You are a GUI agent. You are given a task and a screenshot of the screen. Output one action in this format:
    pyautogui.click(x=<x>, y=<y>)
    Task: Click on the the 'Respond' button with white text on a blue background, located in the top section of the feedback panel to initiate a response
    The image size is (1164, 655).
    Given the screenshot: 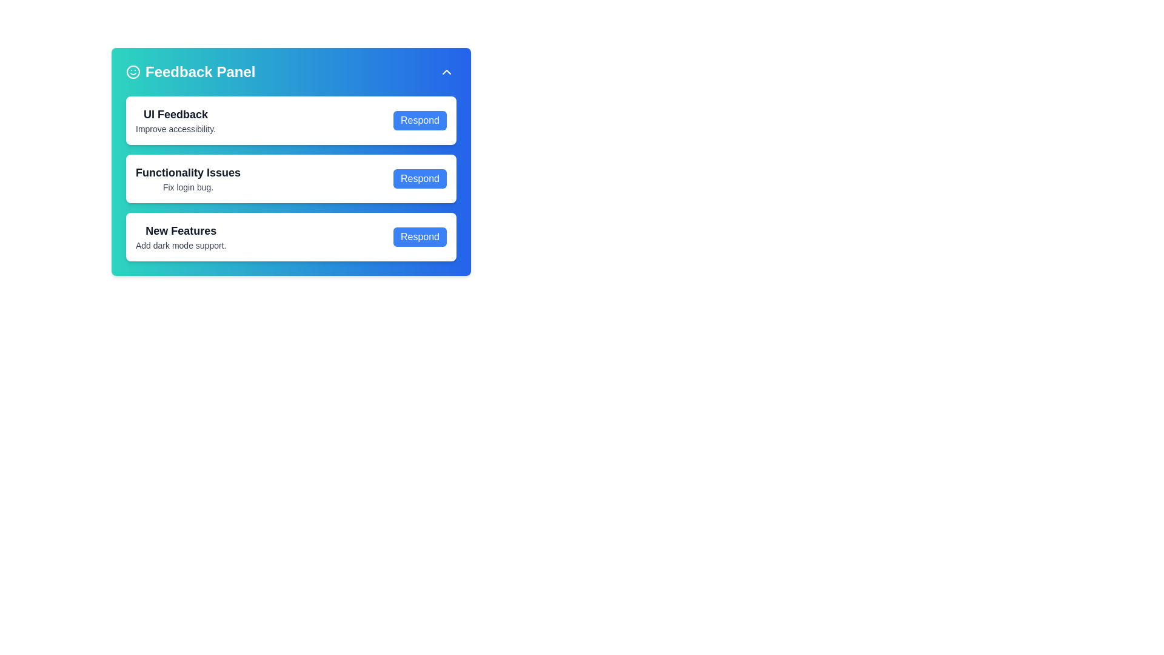 What is the action you would take?
    pyautogui.click(x=420, y=121)
    